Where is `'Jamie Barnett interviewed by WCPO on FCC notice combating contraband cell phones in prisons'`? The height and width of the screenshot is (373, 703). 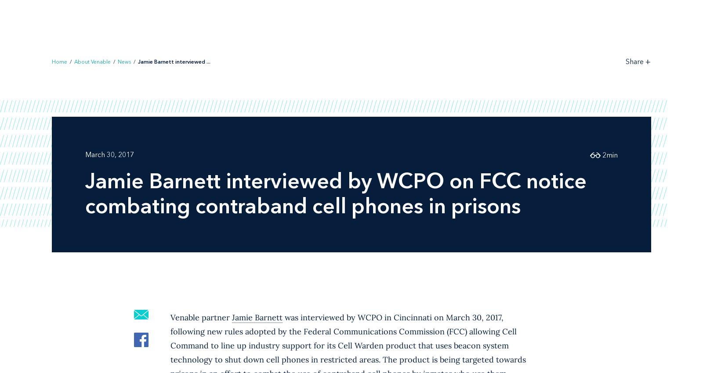 'Jamie Barnett interviewed by WCPO on FCC notice combating contraband cell phones in prisons' is located at coordinates (336, 192).